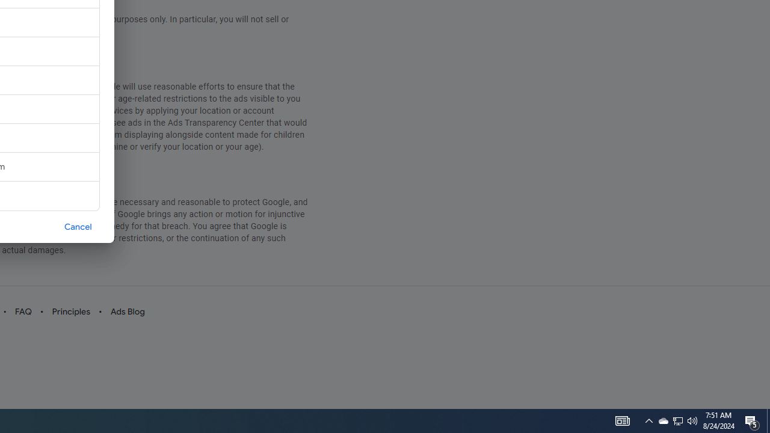 The image size is (770, 433). I want to click on 'Cancel', so click(77, 226).